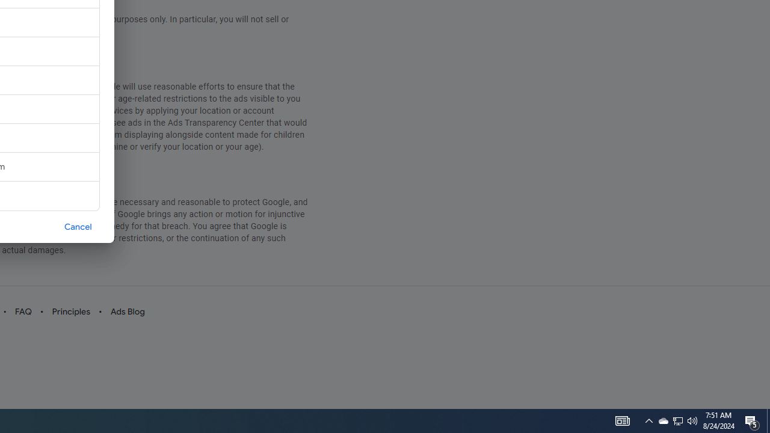 The image size is (770, 433). I want to click on 'Cancel', so click(77, 226).